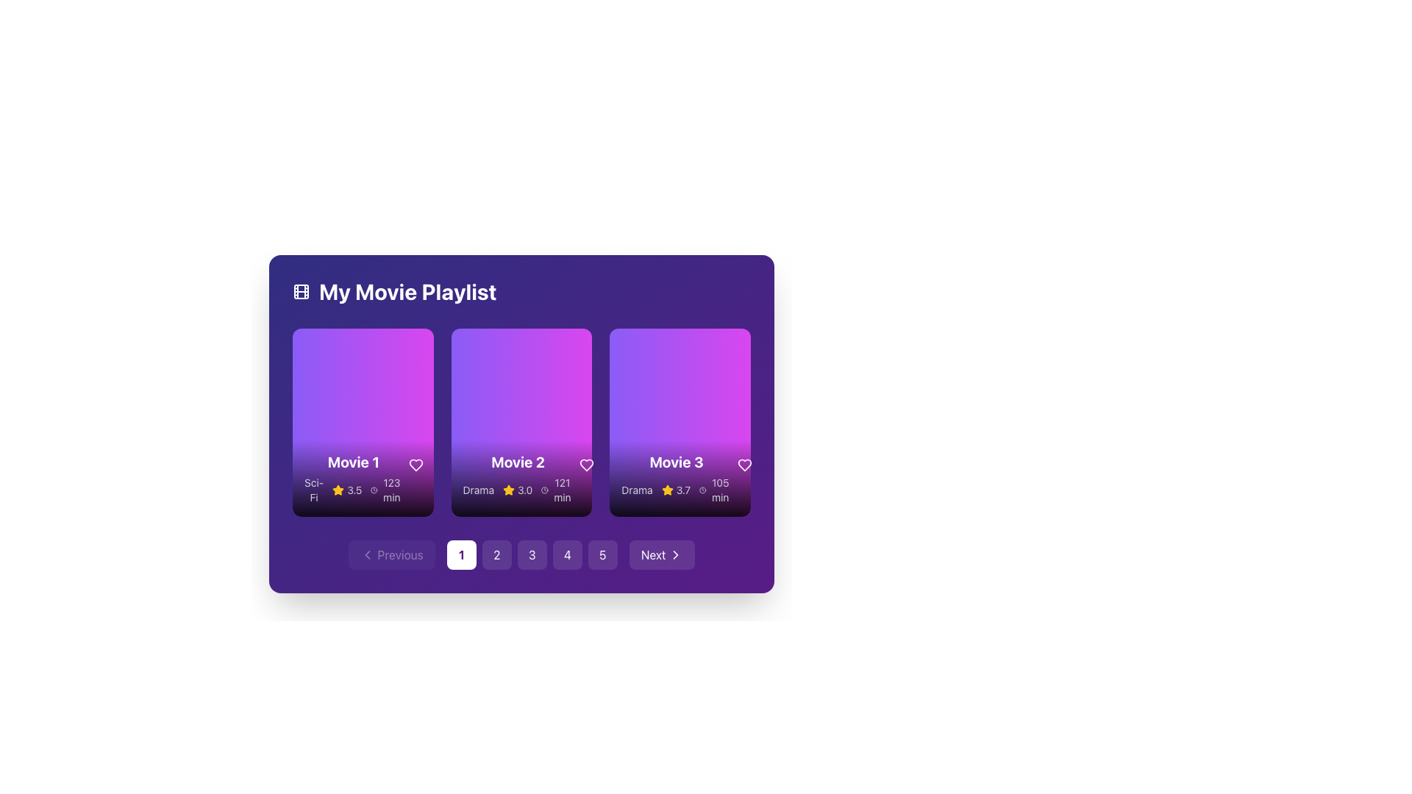 The width and height of the screenshot is (1412, 794). I want to click on the left-pointing chevron icon within the button located at the bottom-left corner of the interface, so click(367, 555).